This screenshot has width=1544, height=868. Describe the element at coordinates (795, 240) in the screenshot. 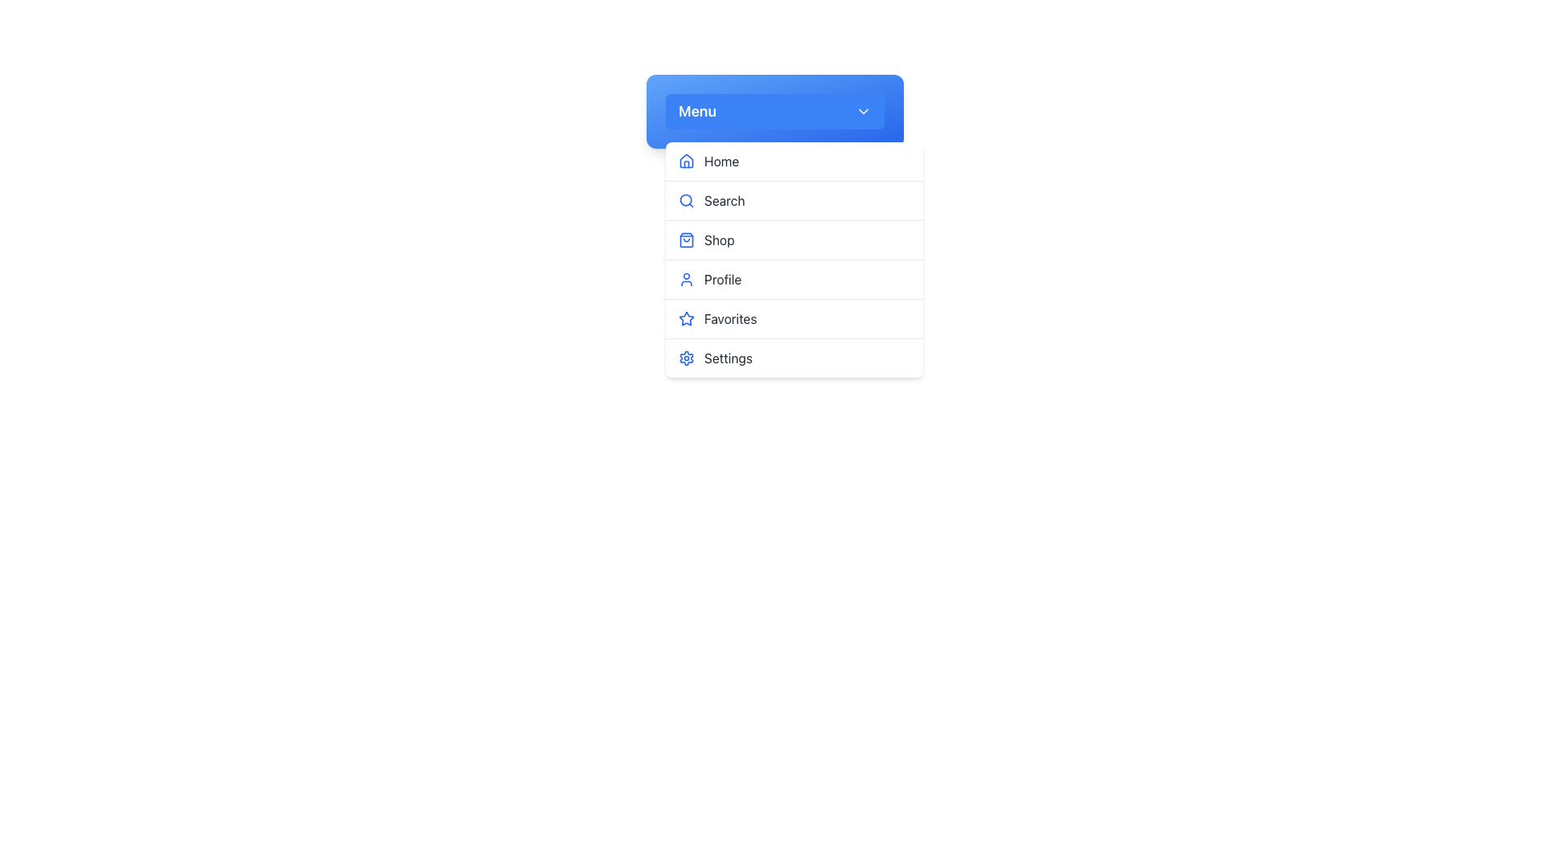

I see `the shopping button located as the third item in the vertical menu list, positioned between the 'Search' and 'Profile' options` at that location.